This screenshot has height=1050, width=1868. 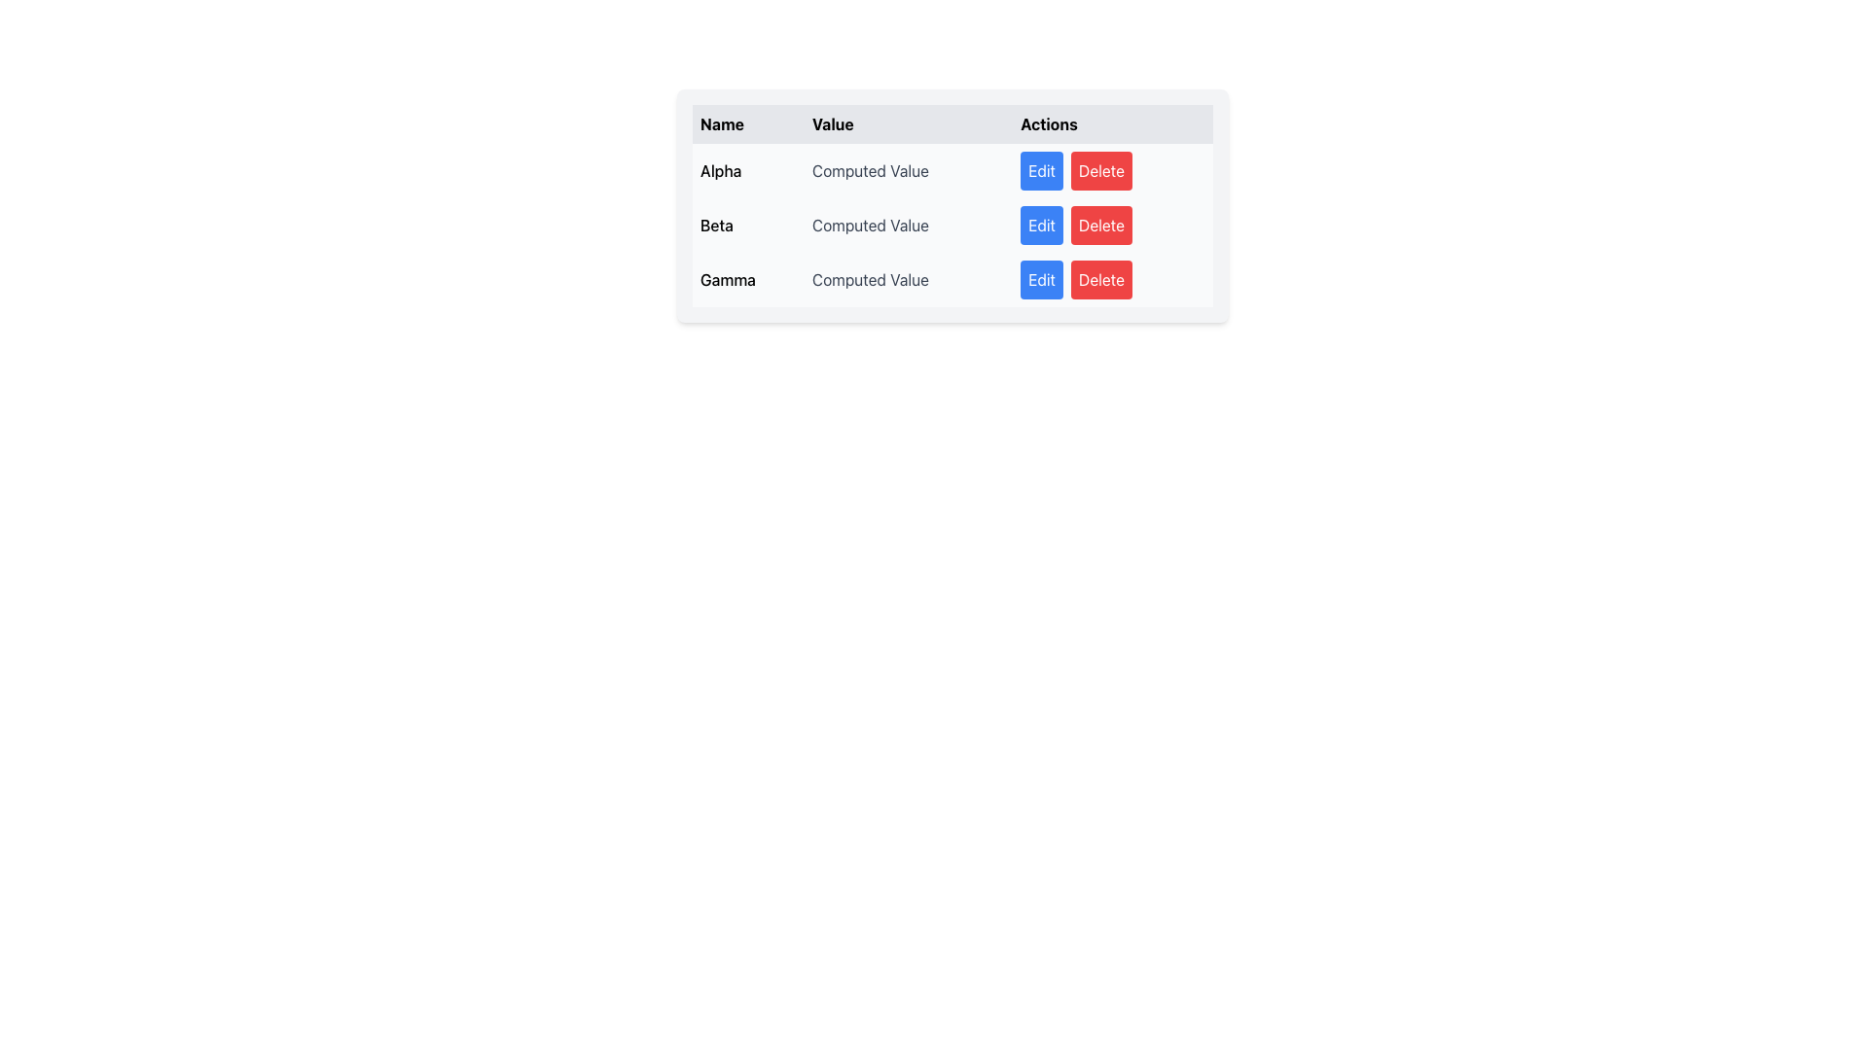 What do you see at coordinates (747, 280) in the screenshot?
I see `the static text label 'Gamma' located in the leftmost cell of the third row of the table, which is positioned below the 'Beta' row` at bounding box center [747, 280].